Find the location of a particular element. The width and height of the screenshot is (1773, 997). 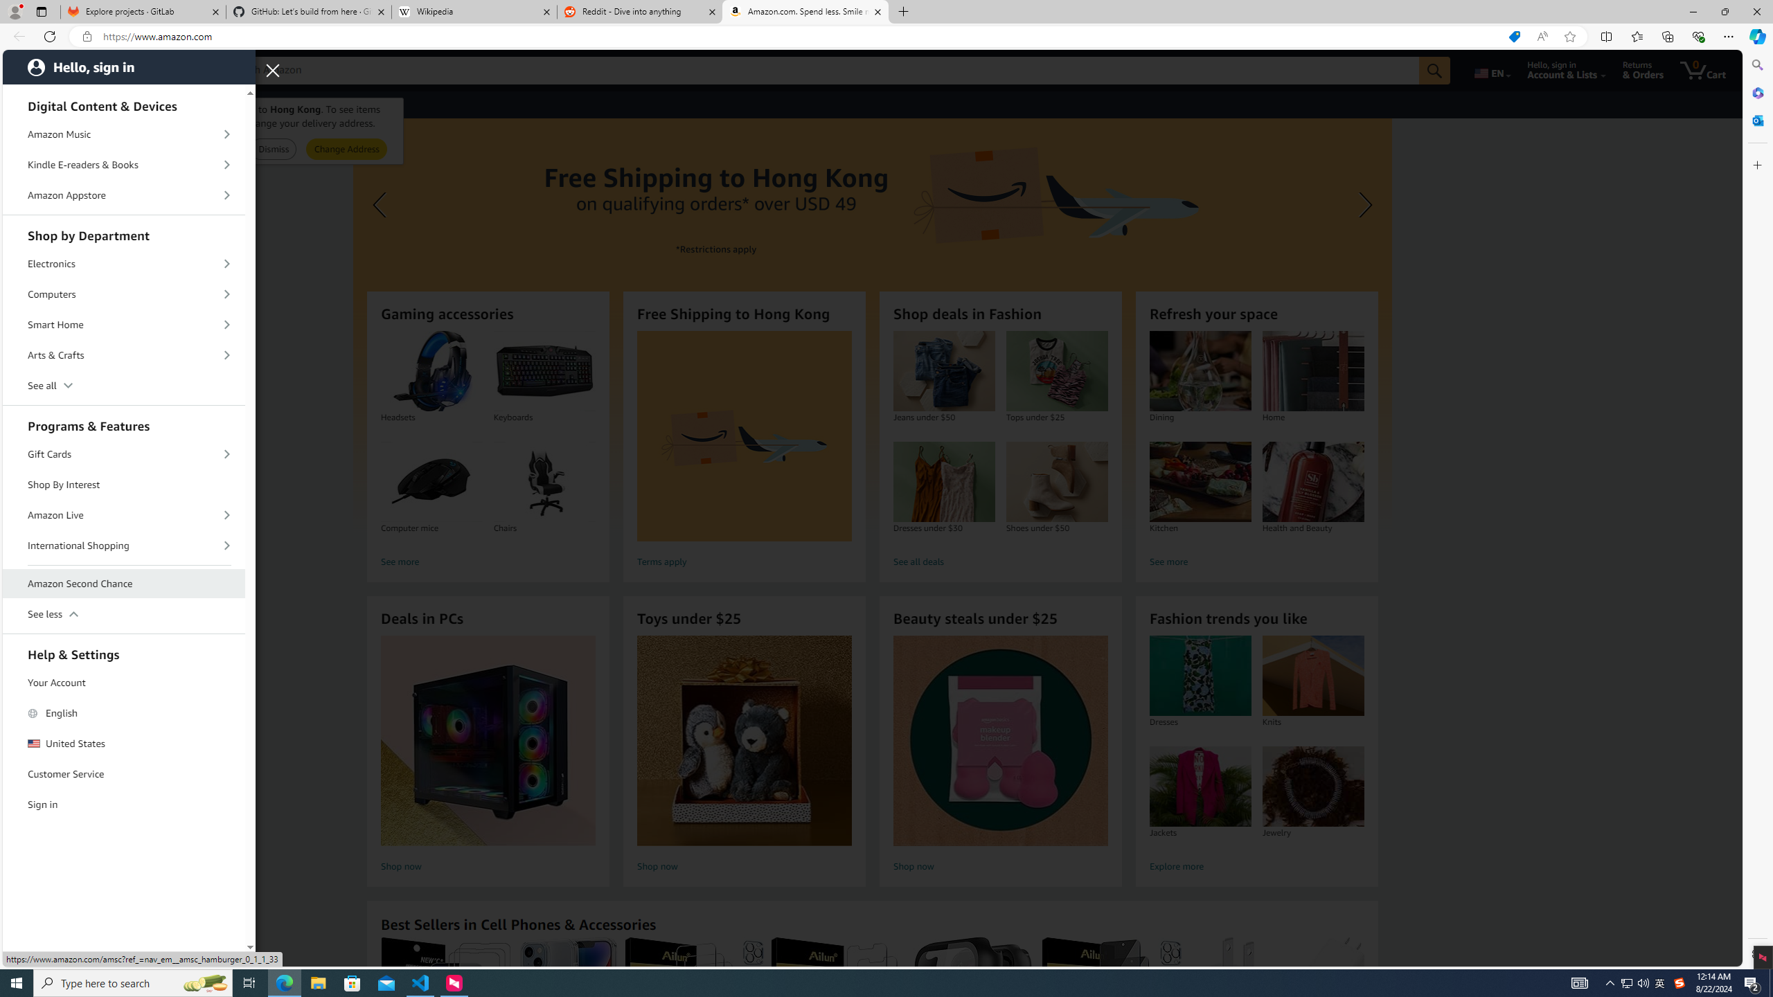

'Amazon.com. Spend less. Smile more.' is located at coordinates (804, 11).